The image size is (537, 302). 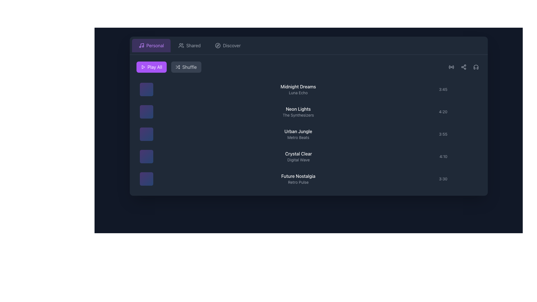 I want to click on the inner graphical element of the headphone icon located in the top-right corner of the music application interface, so click(x=475, y=67).